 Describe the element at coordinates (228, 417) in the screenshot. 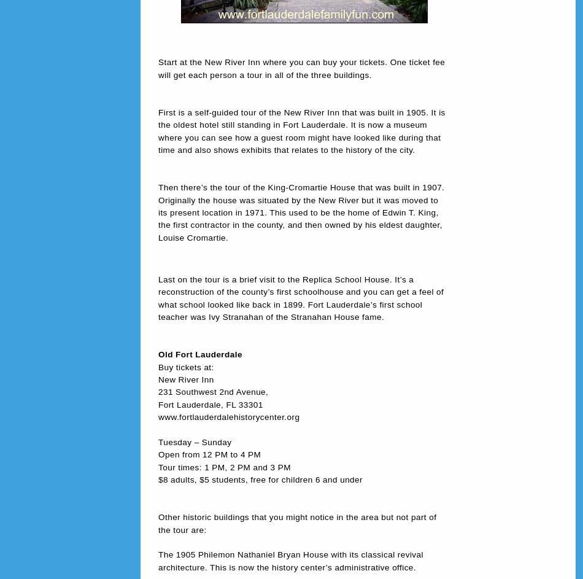

I see `'www.fortlauderdalehistorycenter.org'` at that location.